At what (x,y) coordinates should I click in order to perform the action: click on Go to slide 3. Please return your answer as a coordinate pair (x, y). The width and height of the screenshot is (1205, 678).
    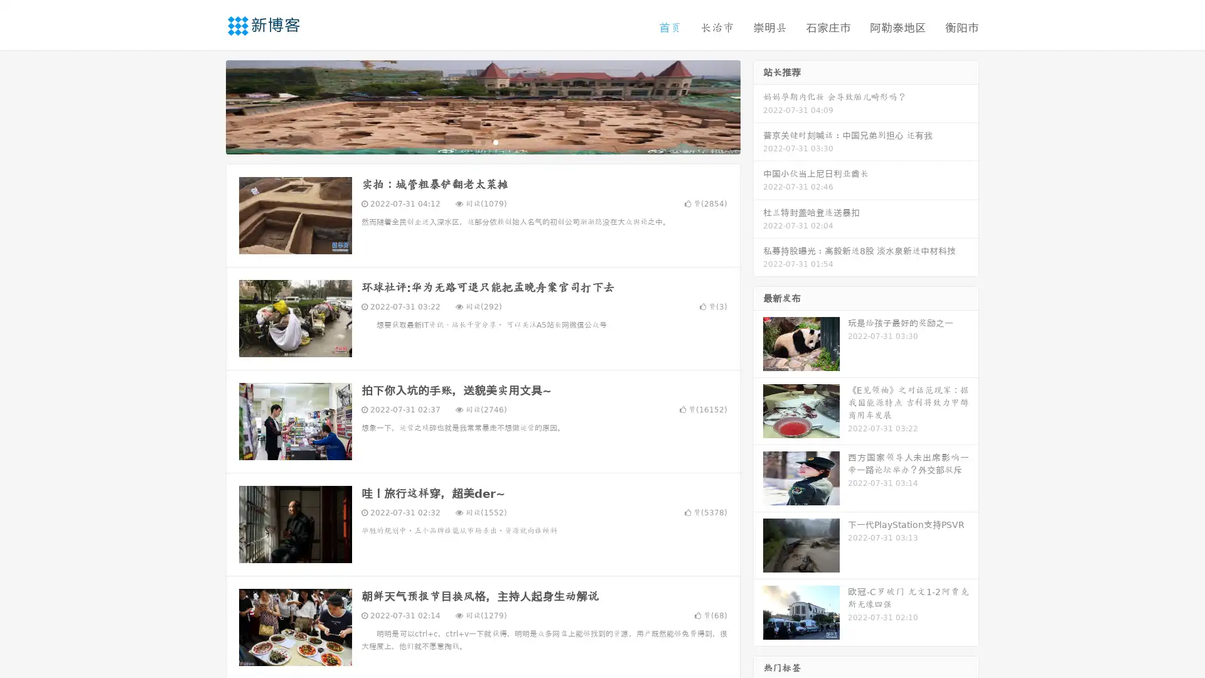
    Looking at the image, I should click on (495, 141).